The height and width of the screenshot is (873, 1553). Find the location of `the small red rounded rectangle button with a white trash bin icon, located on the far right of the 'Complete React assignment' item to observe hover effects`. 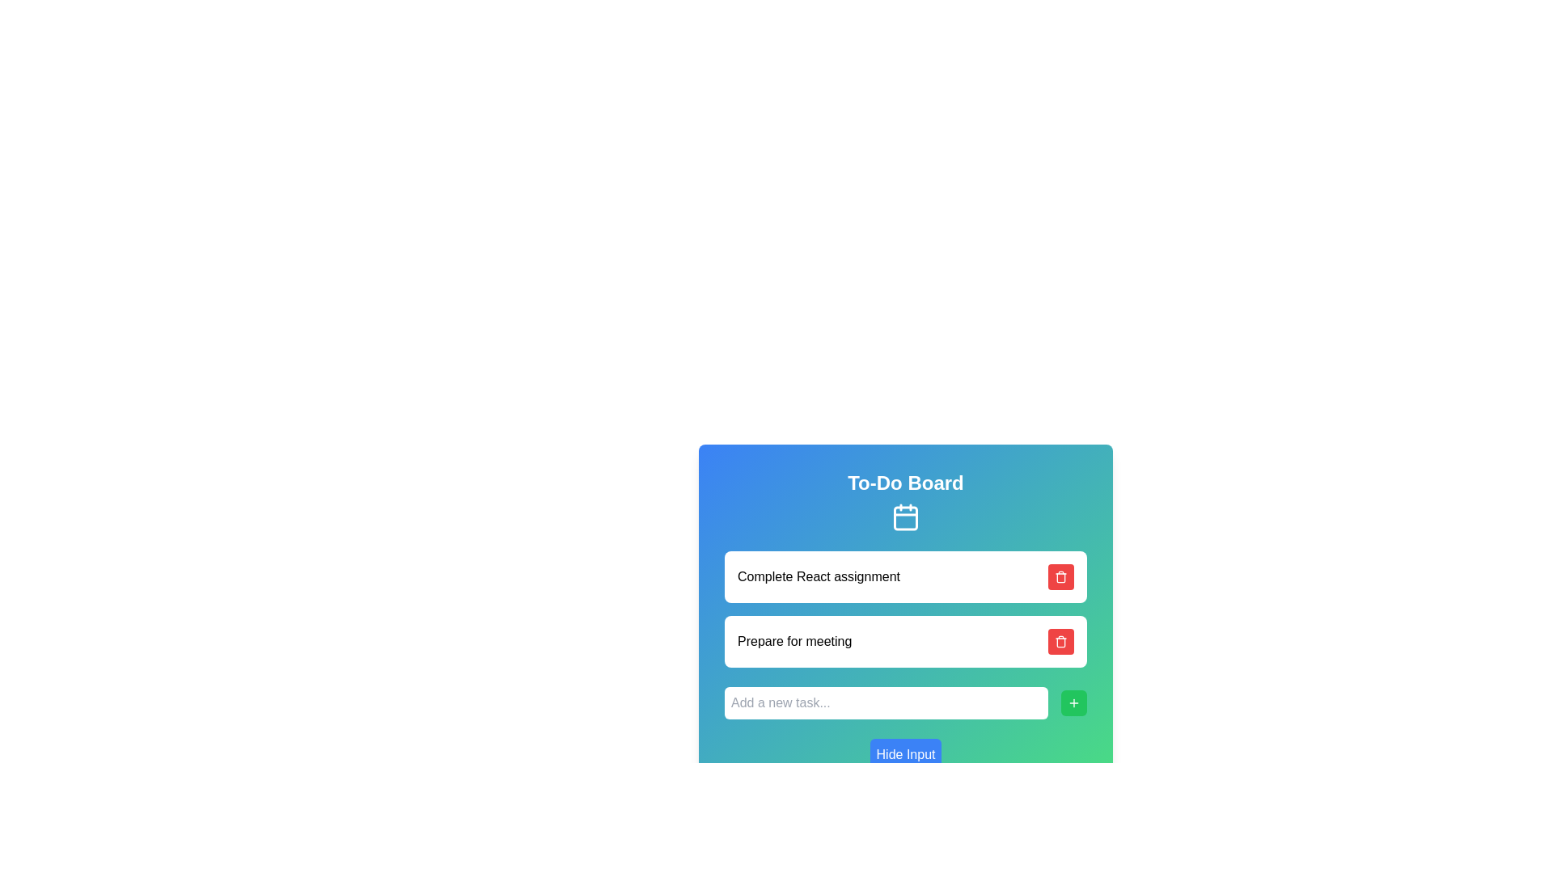

the small red rounded rectangle button with a white trash bin icon, located on the far right of the 'Complete React assignment' item to observe hover effects is located at coordinates (1060, 576).